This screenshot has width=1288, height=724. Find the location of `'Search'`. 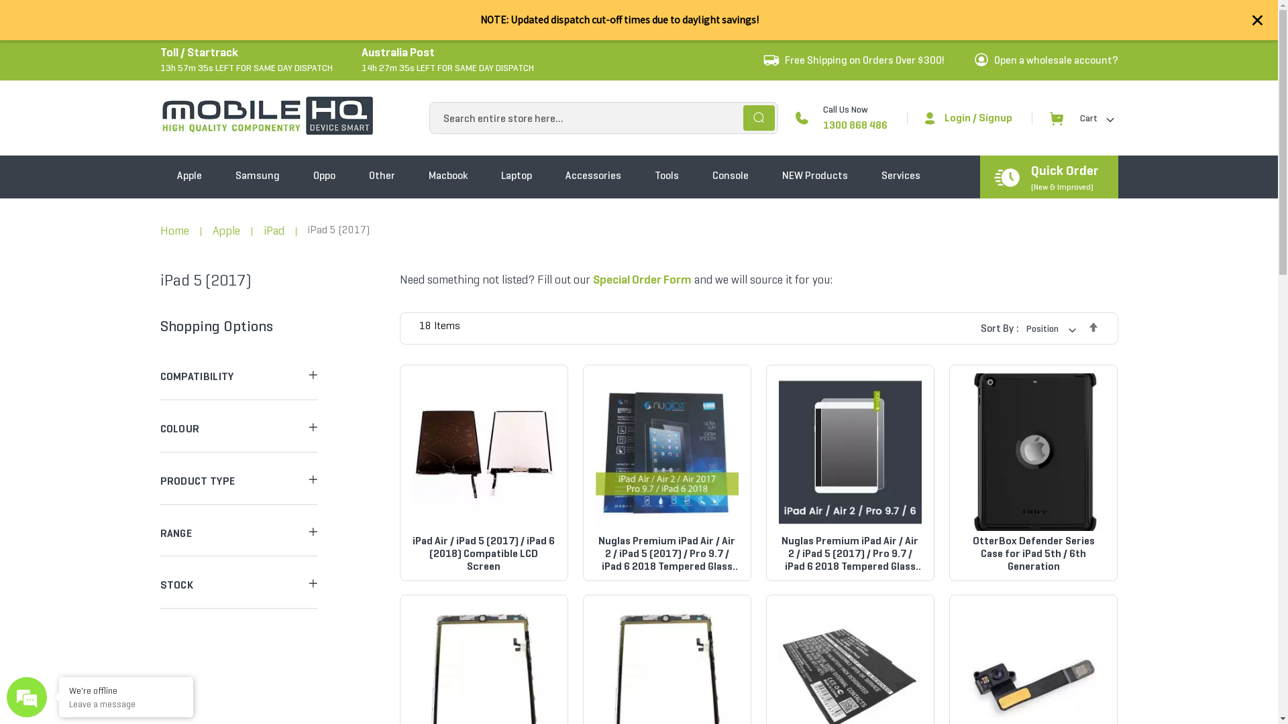

'Search' is located at coordinates (743, 77).